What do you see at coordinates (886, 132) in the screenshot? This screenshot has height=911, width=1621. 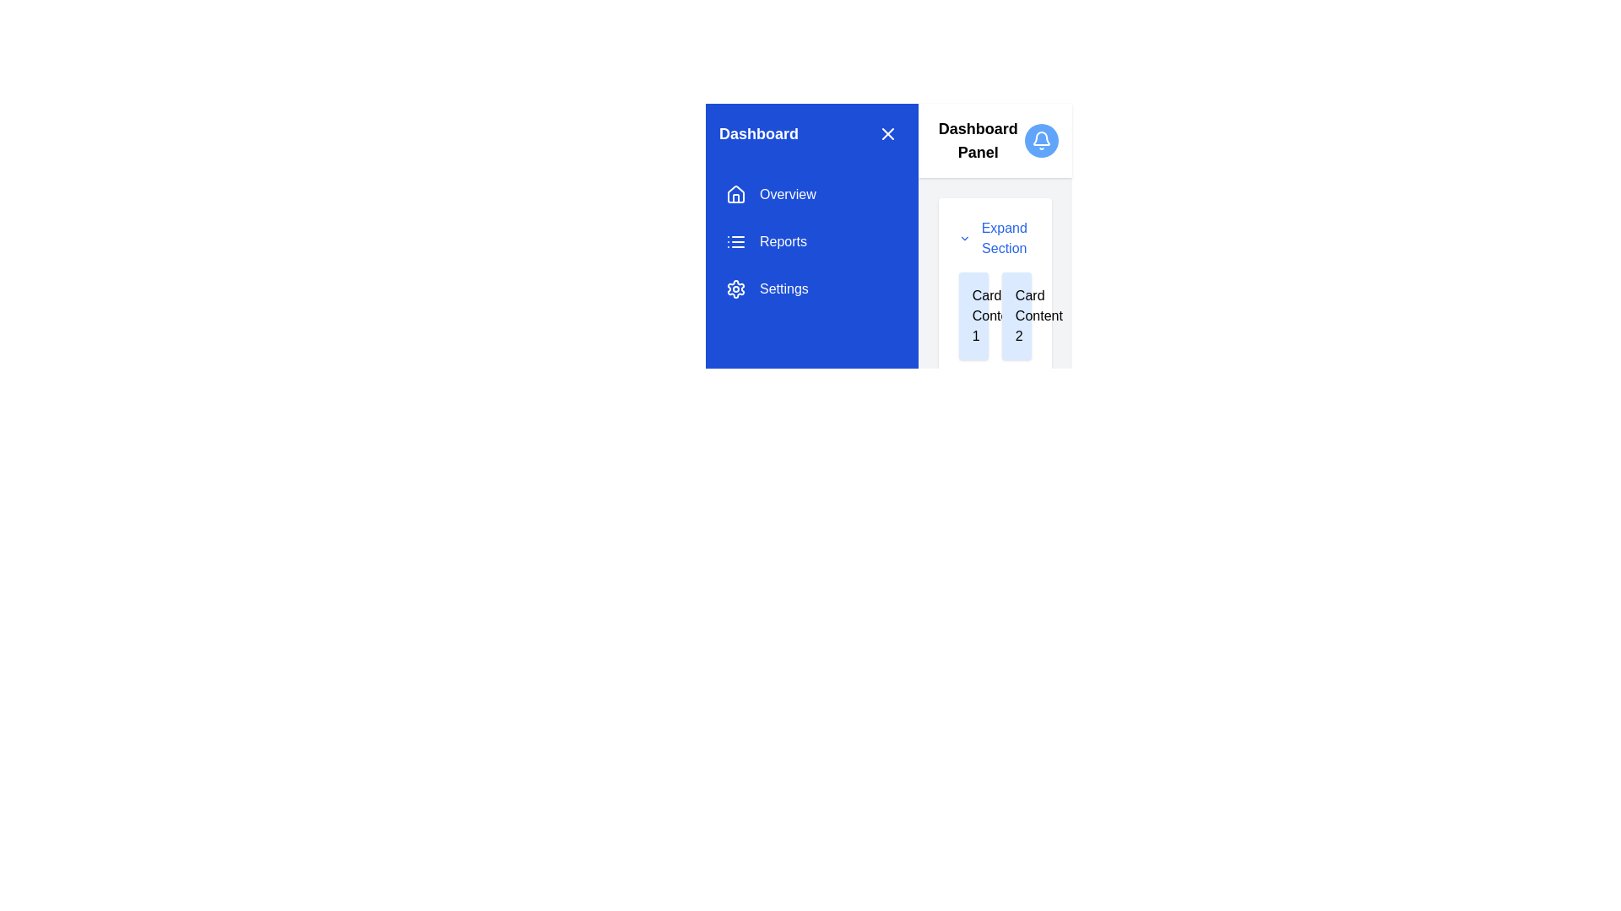 I see `the small square button with an 'X' icon in the center, located at the top-right corner of the blue sidebar next to the 'Dashboard' text` at bounding box center [886, 132].